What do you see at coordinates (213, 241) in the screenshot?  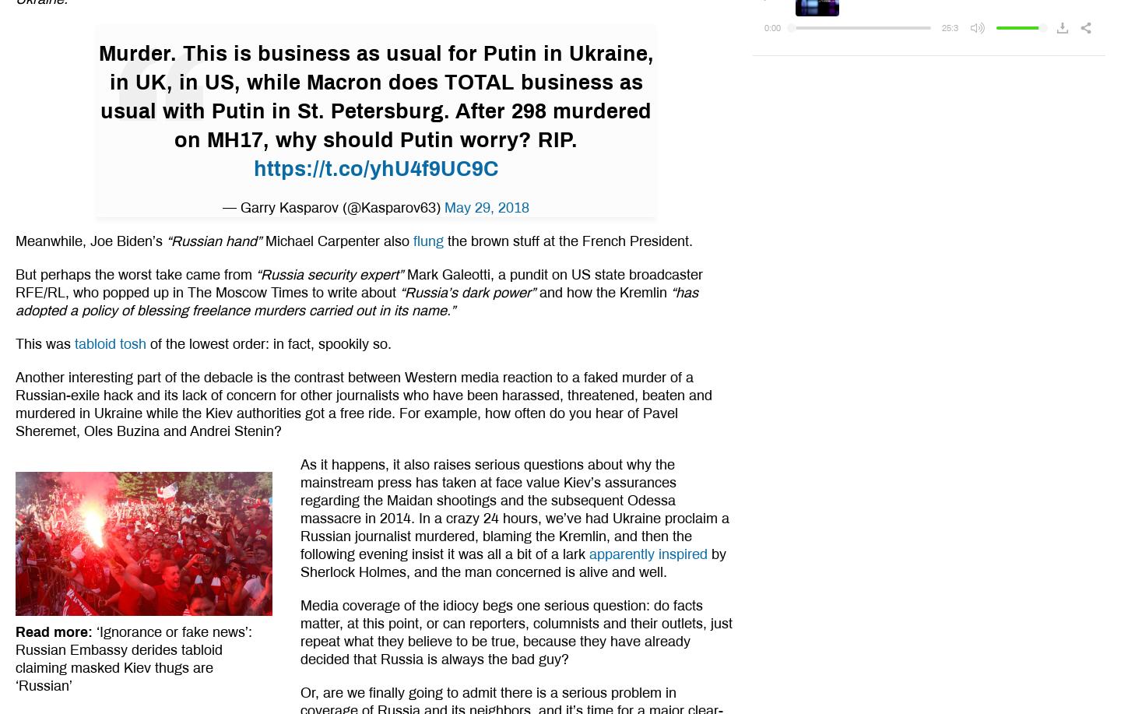 I see `'“Russian hand”'` at bounding box center [213, 241].